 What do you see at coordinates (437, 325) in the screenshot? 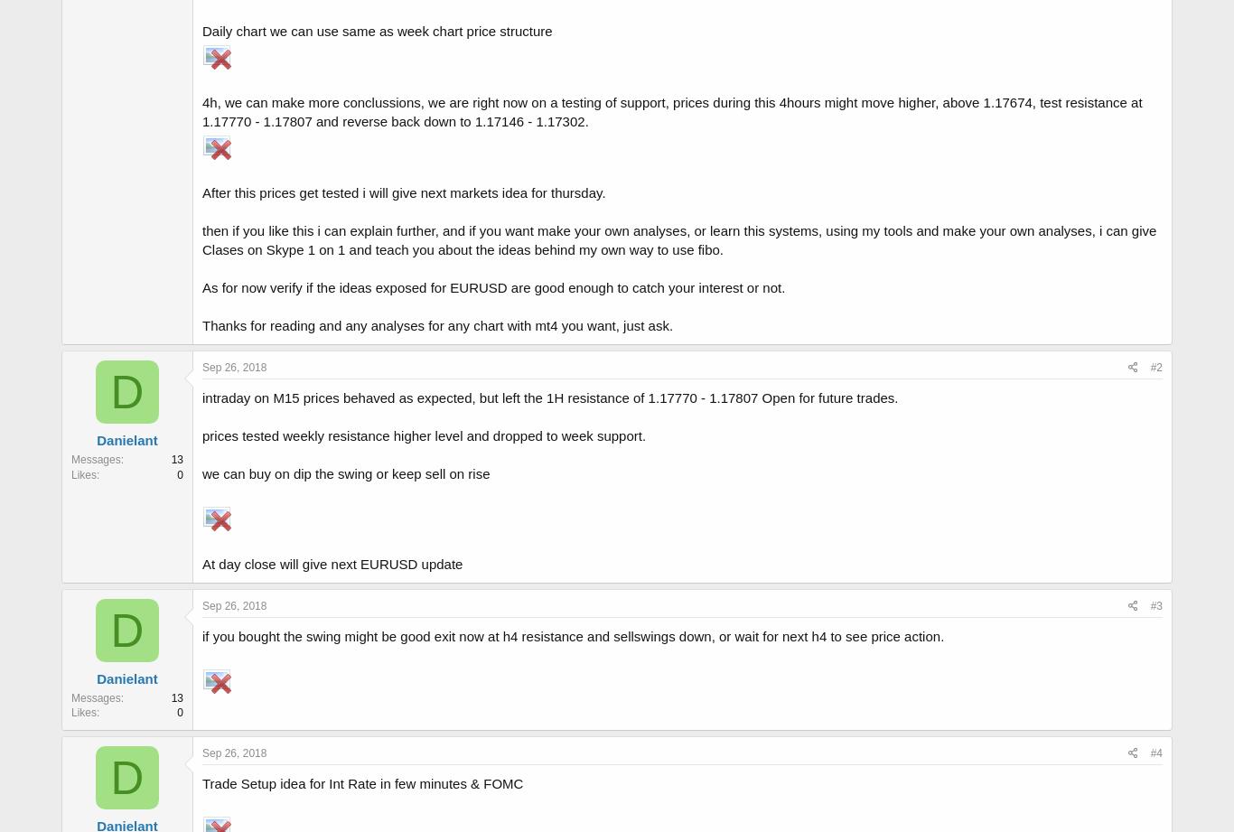
I see `'Thanks for reading and any analyses for any chart with mt4 you want, just ask.'` at bounding box center [437, 325].